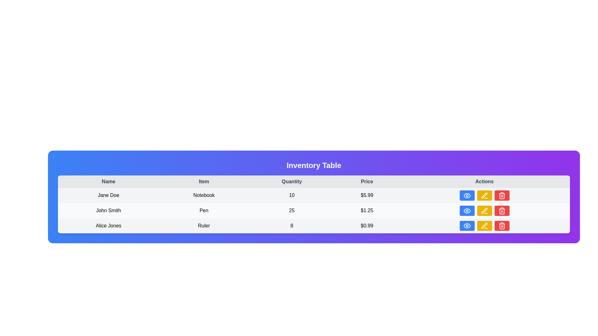  I want to click on price value from the text label located in the fourth column of the third row of the table for the item associated with Alice Jones, so click(367, 226).